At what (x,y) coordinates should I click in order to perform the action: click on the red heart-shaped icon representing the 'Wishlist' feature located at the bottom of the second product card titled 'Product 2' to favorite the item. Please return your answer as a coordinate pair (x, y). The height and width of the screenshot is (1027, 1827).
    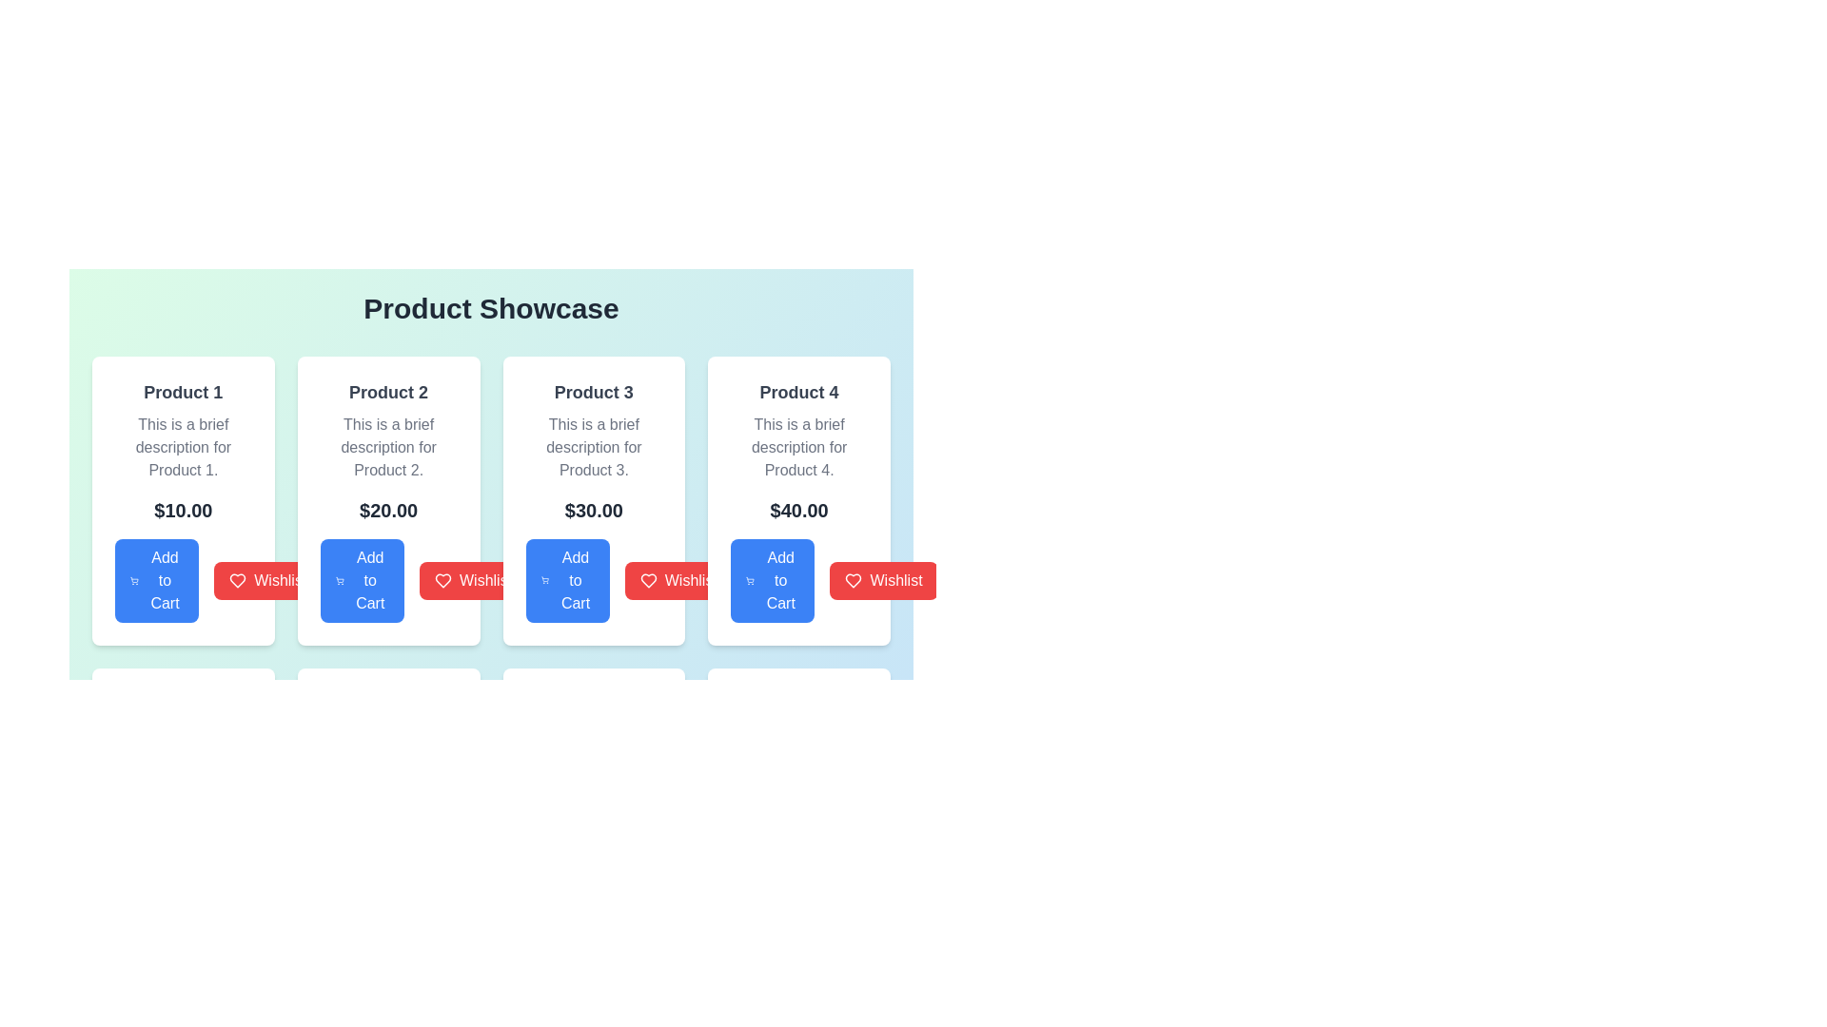
    Looking at the image, I should click on (237, 579).